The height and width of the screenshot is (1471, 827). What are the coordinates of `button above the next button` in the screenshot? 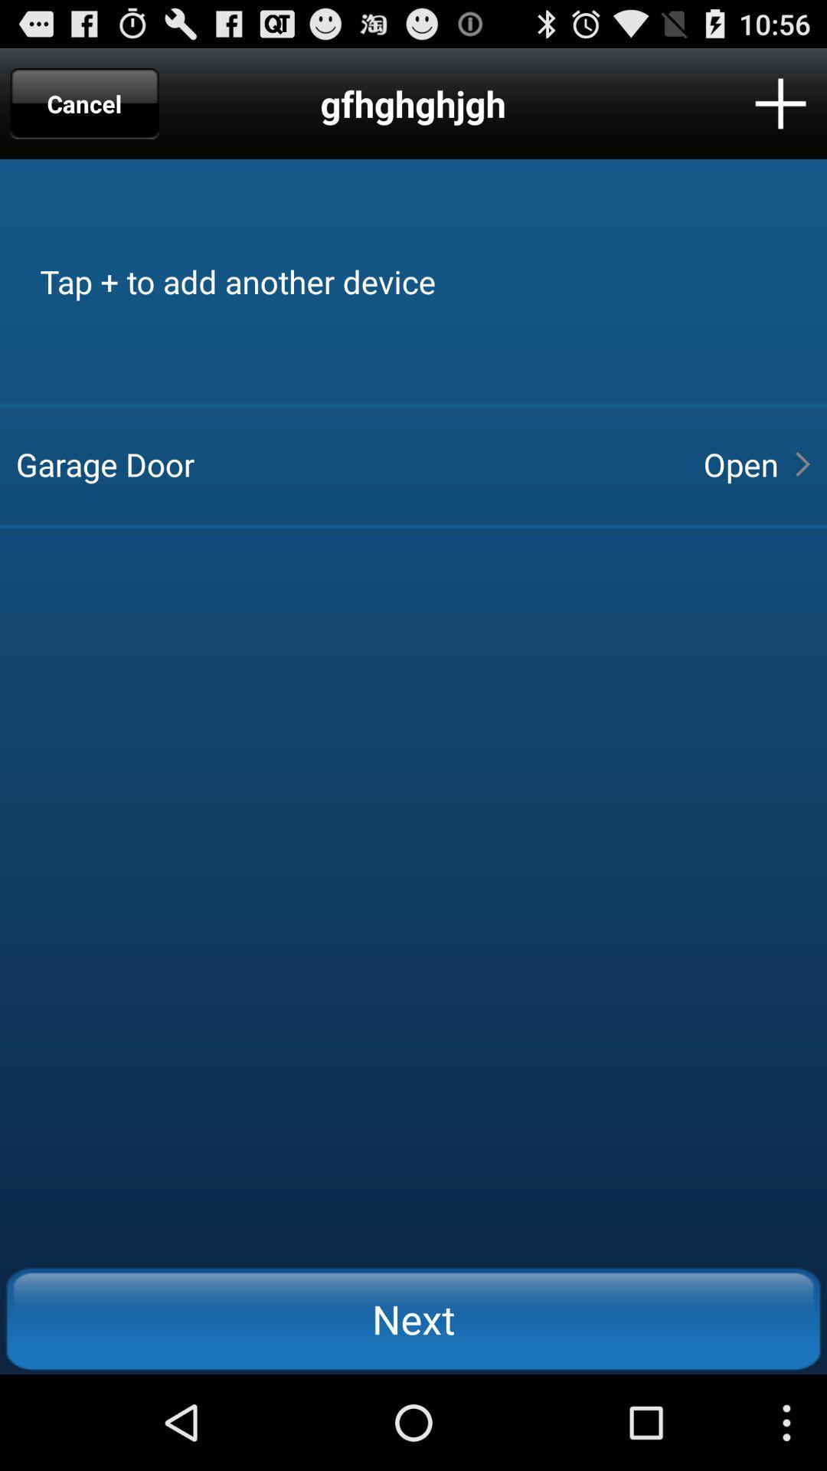 It's located at (740, 463).